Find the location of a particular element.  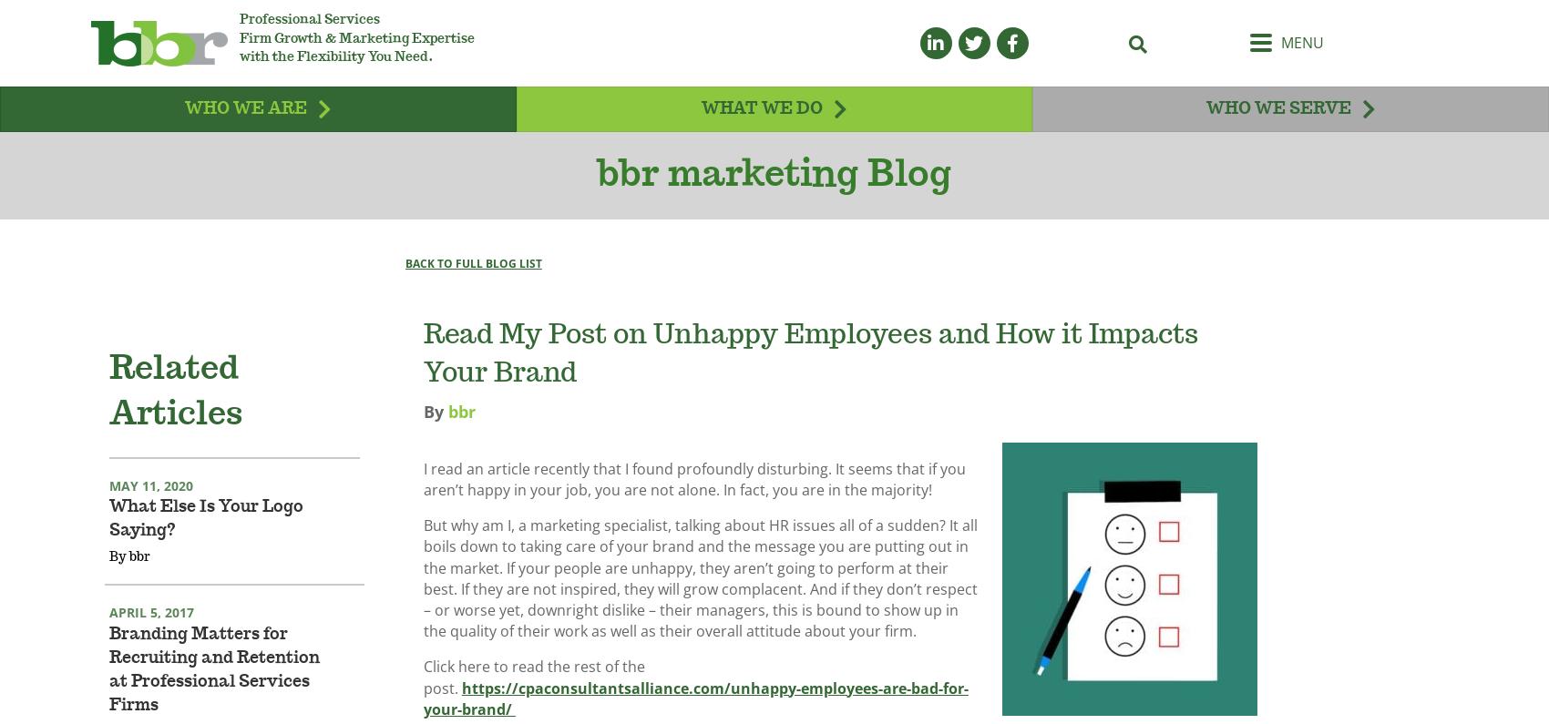

'But why am I, a marketing specialist, talking about HR issues all of a sudden? It all boils down to taking care of your brand and the message you are putting out in the market. If your people are unhappy, they aren’t going to perform at their best. If they are not inspired, they will grow complacent. And if they don’t respect – or worse yet, downright dislike – their managers, this is bound to show up in the quality of their work as well as their overall attitude about your firm.' is located at coordinates (422, 601).